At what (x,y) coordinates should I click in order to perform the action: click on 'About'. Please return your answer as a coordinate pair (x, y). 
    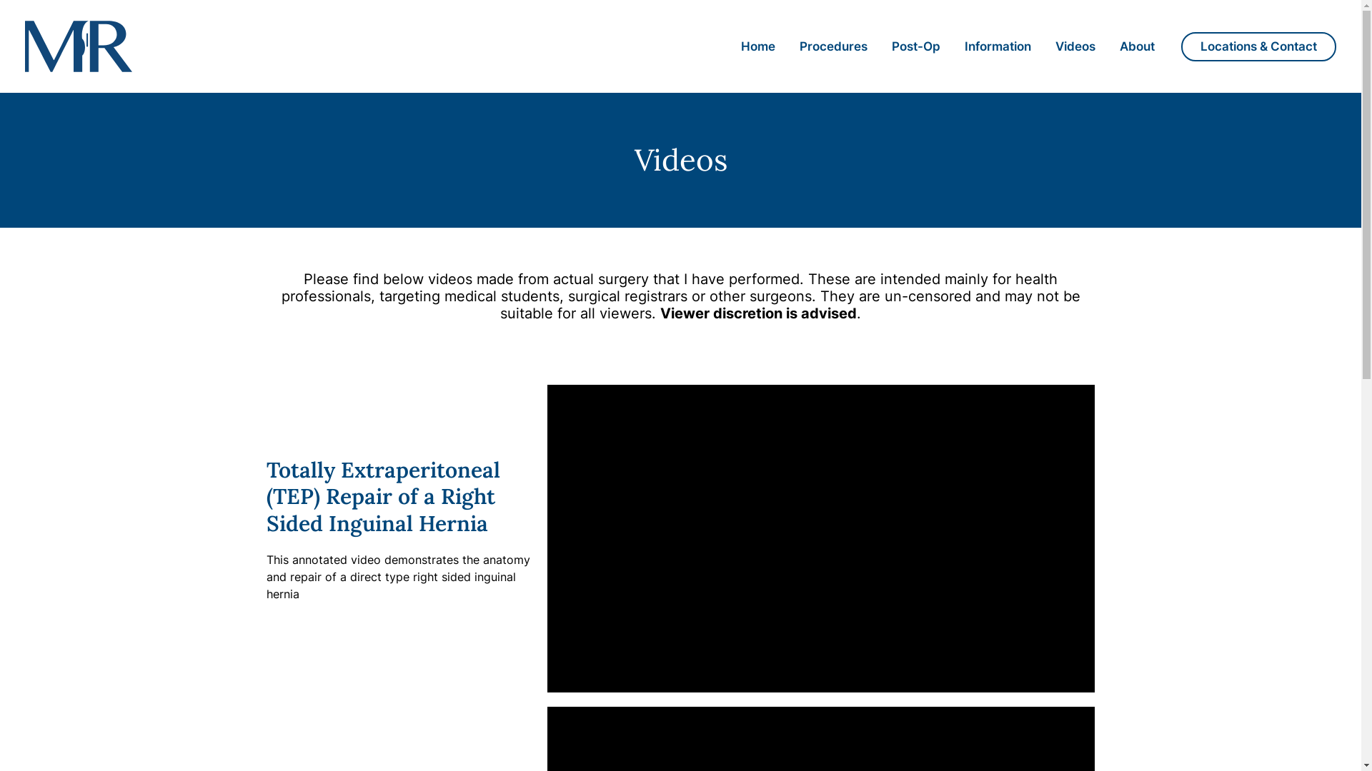
    Looking at the image, I should click on (1136, 46).